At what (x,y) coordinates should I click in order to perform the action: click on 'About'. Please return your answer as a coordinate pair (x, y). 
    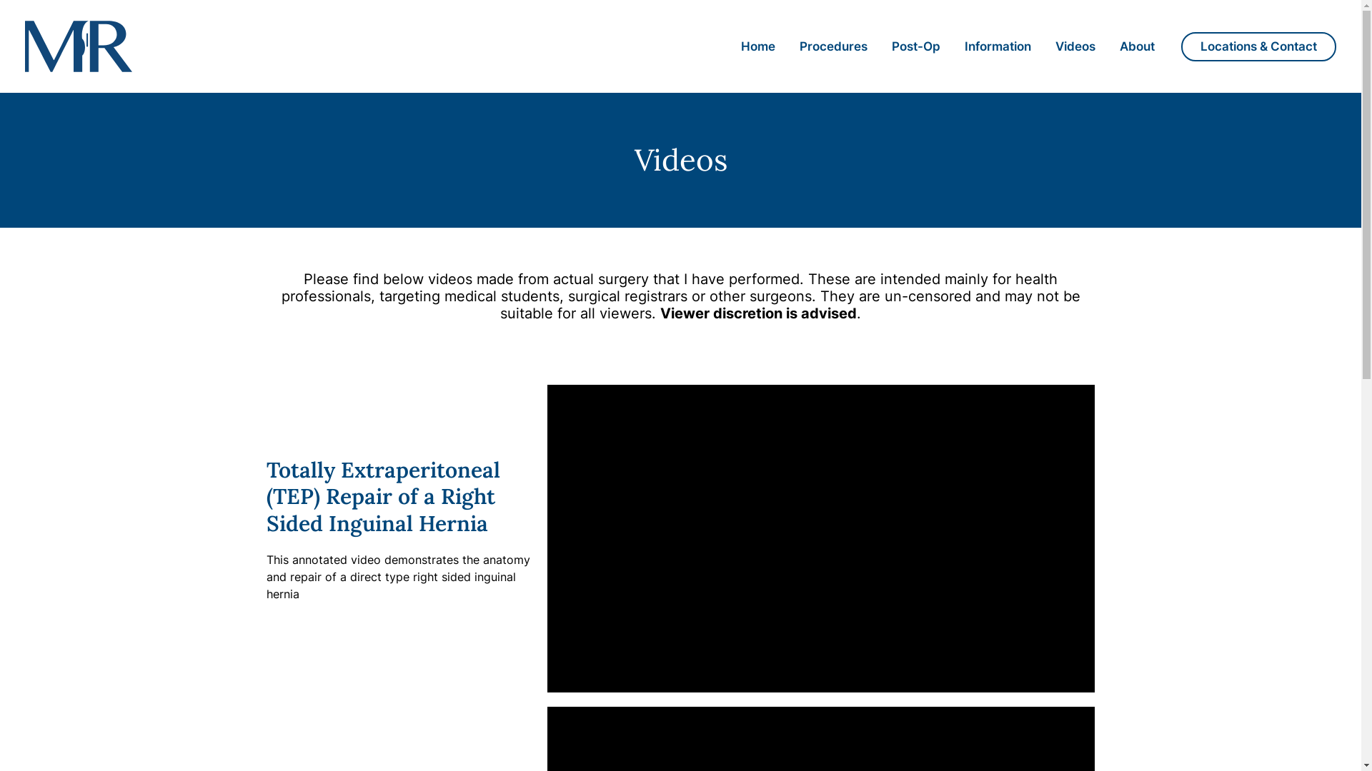
    Looking at the image, I should click on (1136, 46).